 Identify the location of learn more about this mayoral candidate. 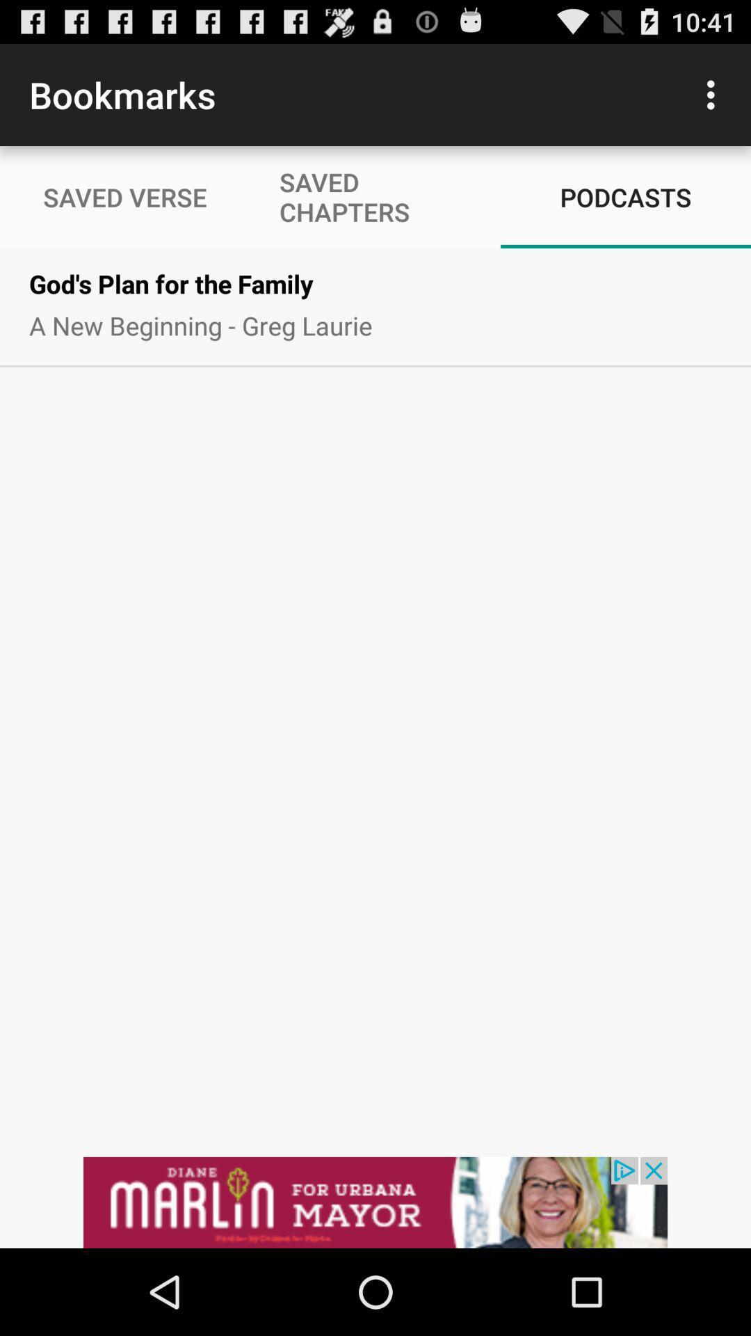
(375, 1202).